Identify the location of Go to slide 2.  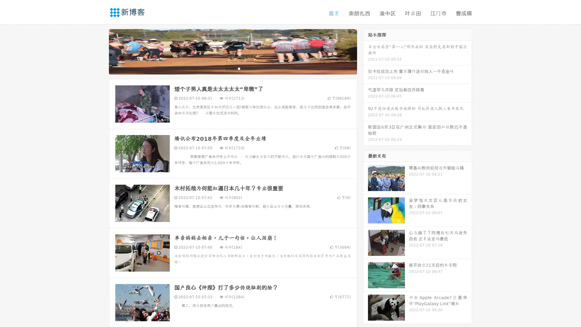
(232, 68).